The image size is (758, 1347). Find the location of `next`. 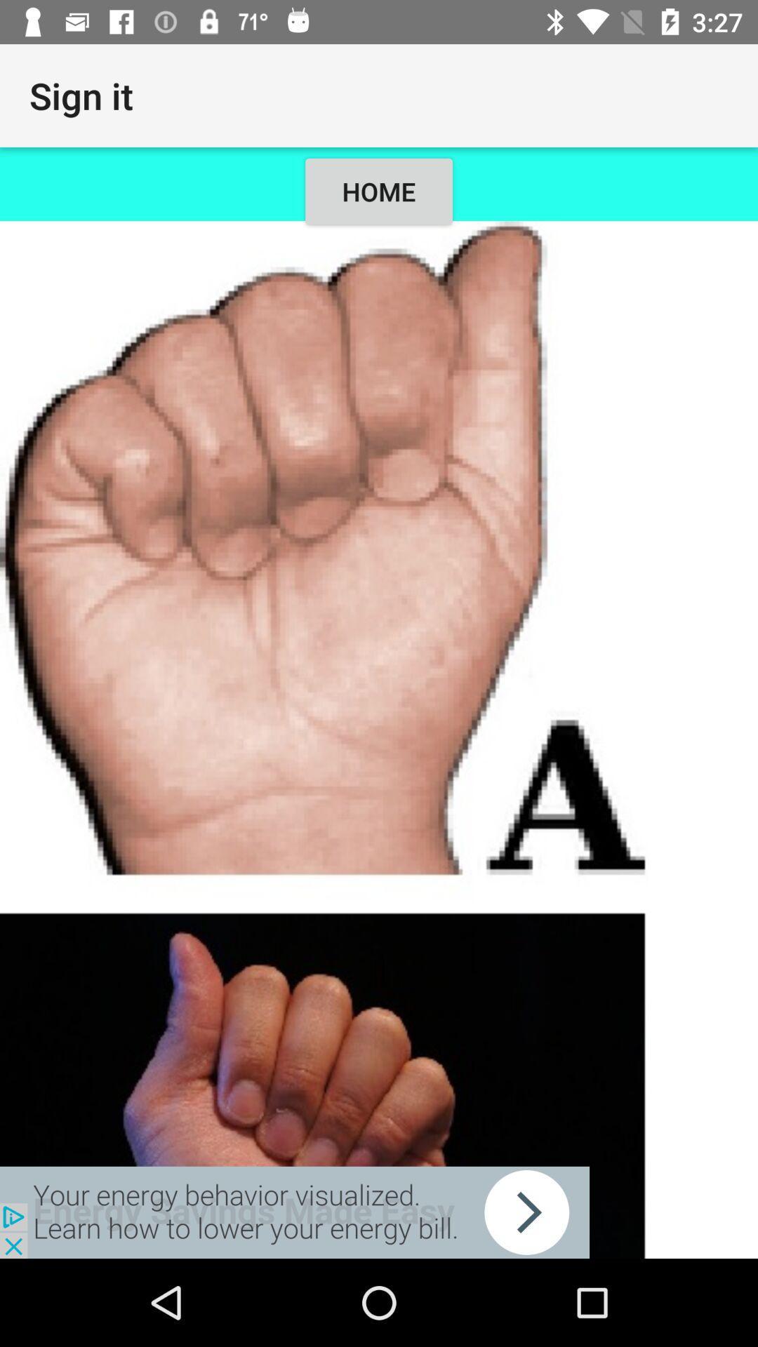

next is located at coordinates (294, 1212).